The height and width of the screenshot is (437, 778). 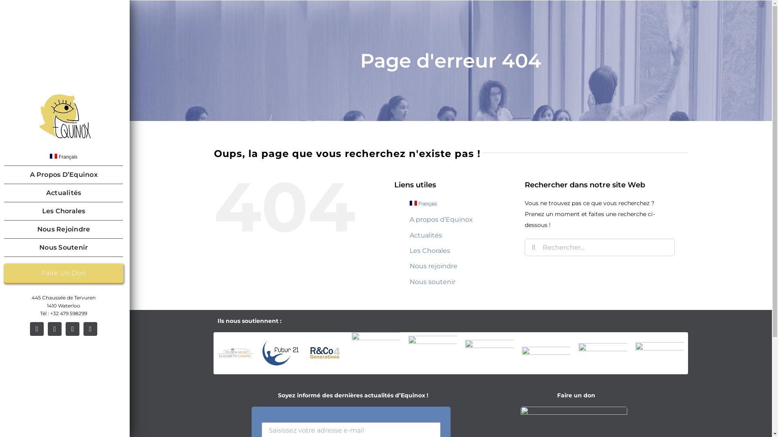 What do you see at coordinates (63, 229) in the screenshot?
I see `'Nous Rejoindre'` at bounding box center [63, 229].